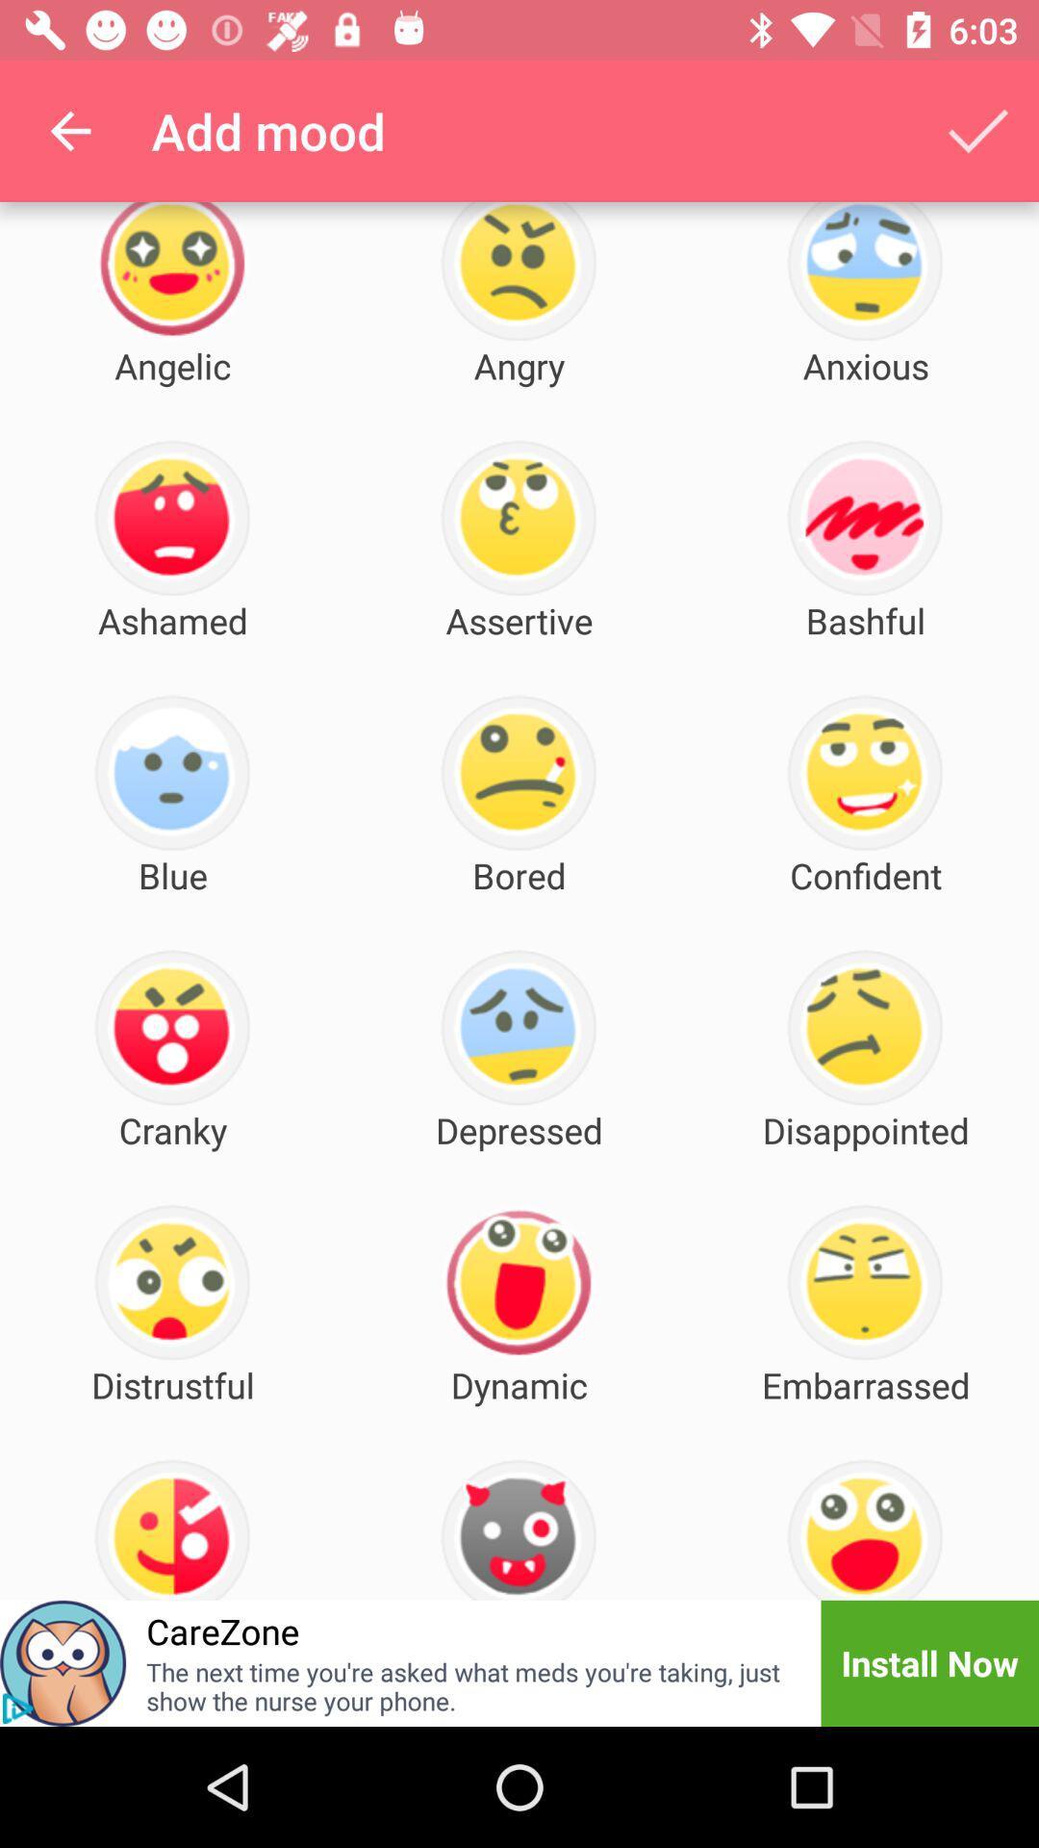 This screenshot has width=1039, height=1848. What do you see at coordinates (928, 1662) in the screenshot?
I see `install now item` at bounding box center [928, 1662].